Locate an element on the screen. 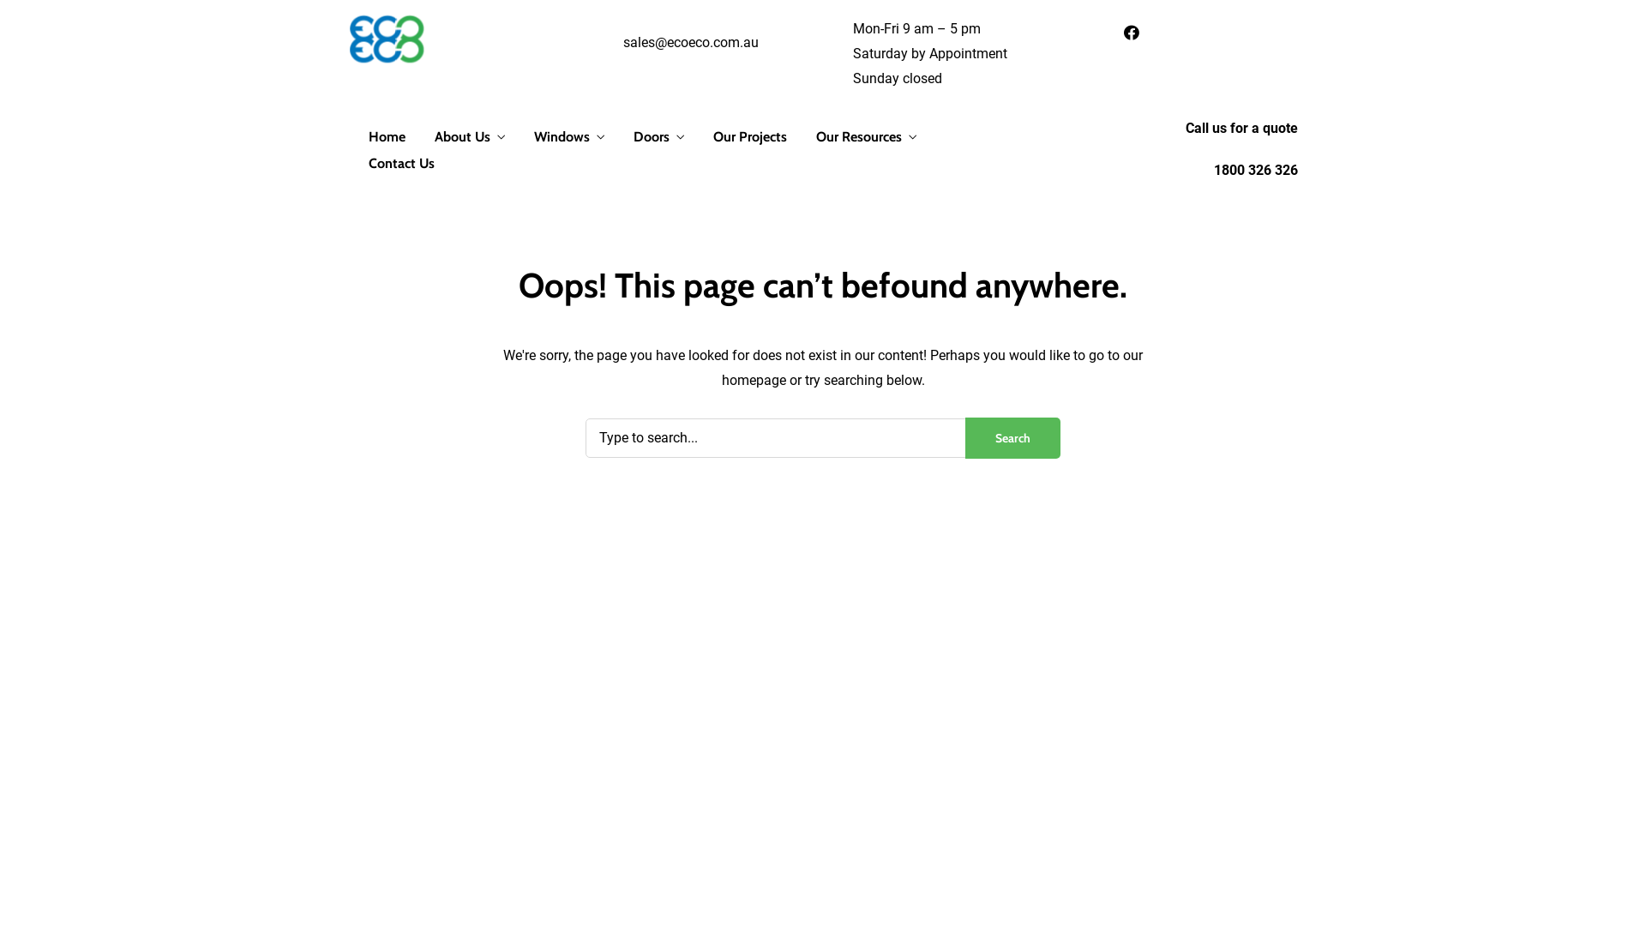  'Home' is located at coordinates (386, 136).